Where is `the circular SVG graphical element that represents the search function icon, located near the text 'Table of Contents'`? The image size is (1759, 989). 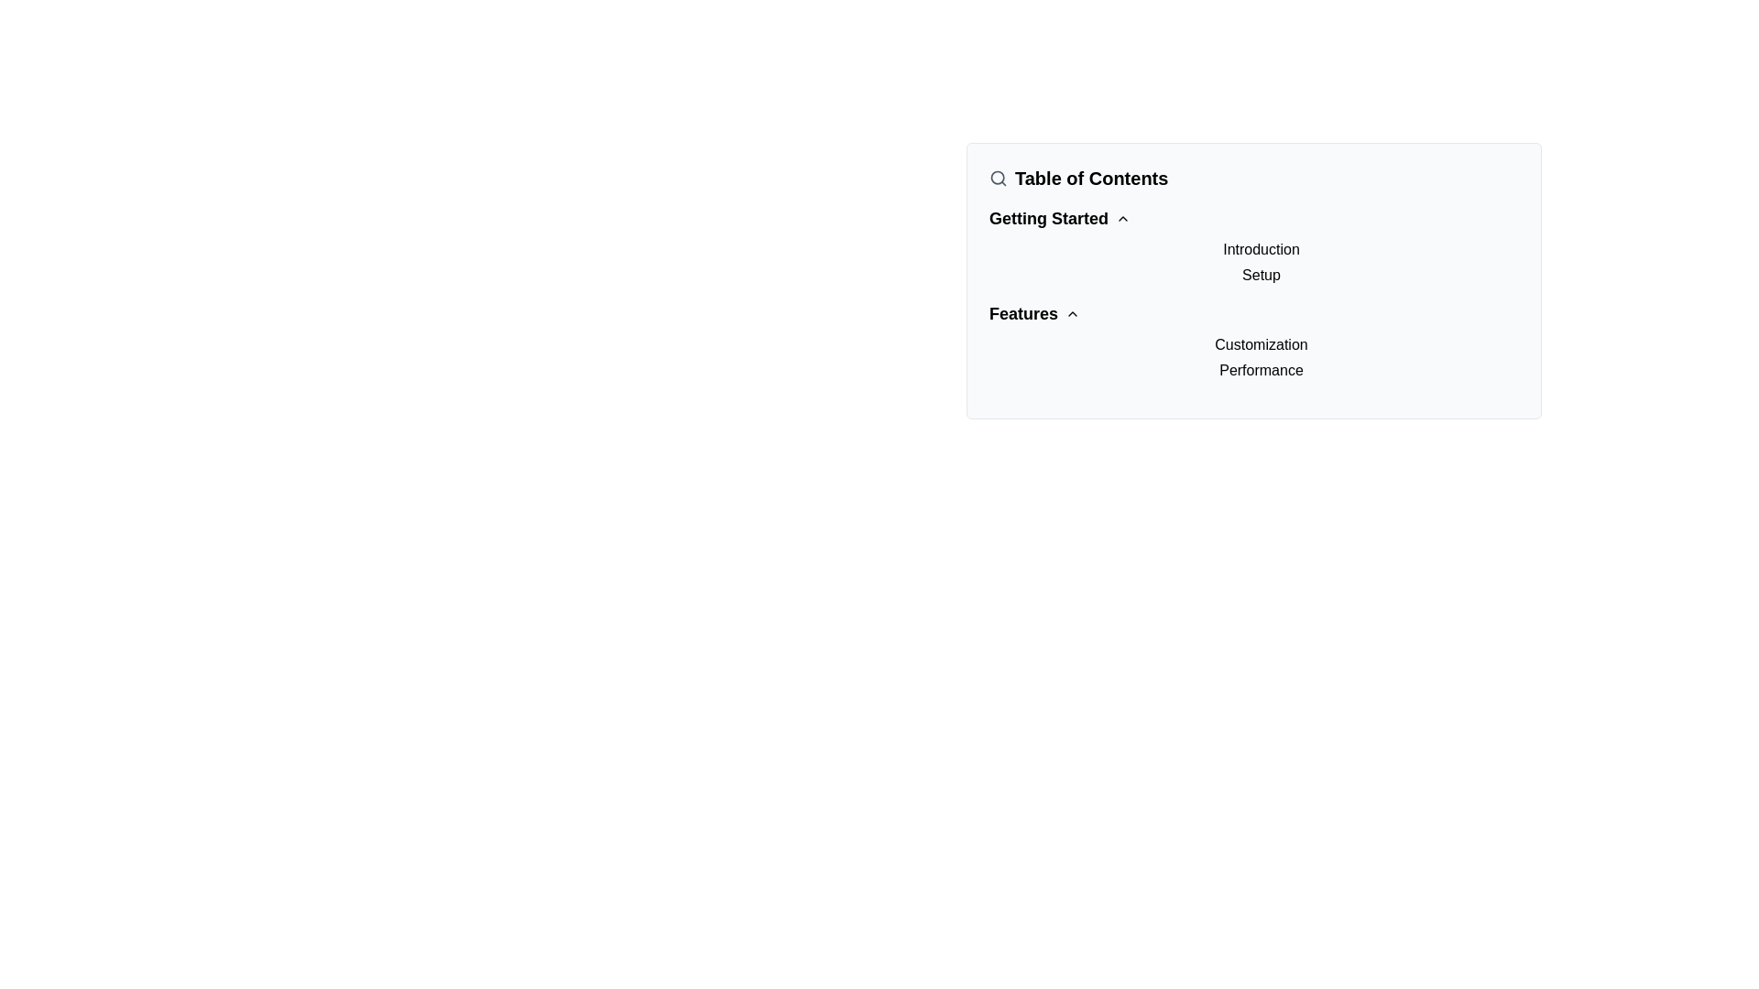
the circular SVG graphical element that represents the search function icon, located near the text 'Table of Contents' is located at coordinates (997, 178).